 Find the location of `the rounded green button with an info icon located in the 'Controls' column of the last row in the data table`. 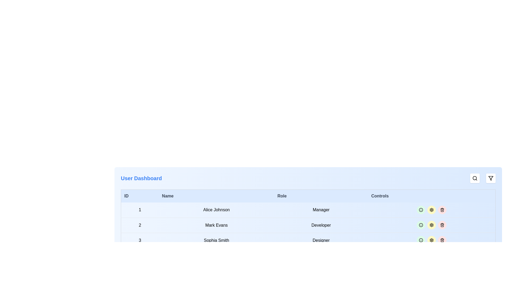

the rounded green button with an info icon located in the 'Controls' column of the last row in the data table is located at coordinates (421, 240).